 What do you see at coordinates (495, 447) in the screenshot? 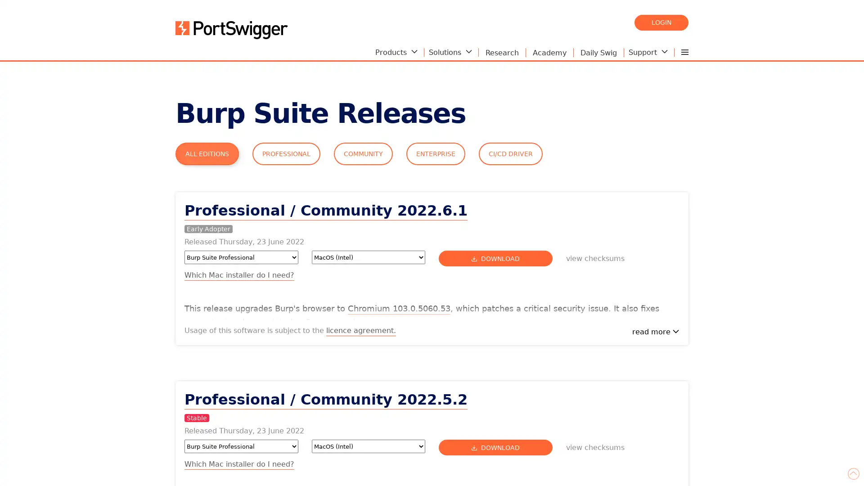
I see `DOWNLOAD` at bounding box center [495, 447].